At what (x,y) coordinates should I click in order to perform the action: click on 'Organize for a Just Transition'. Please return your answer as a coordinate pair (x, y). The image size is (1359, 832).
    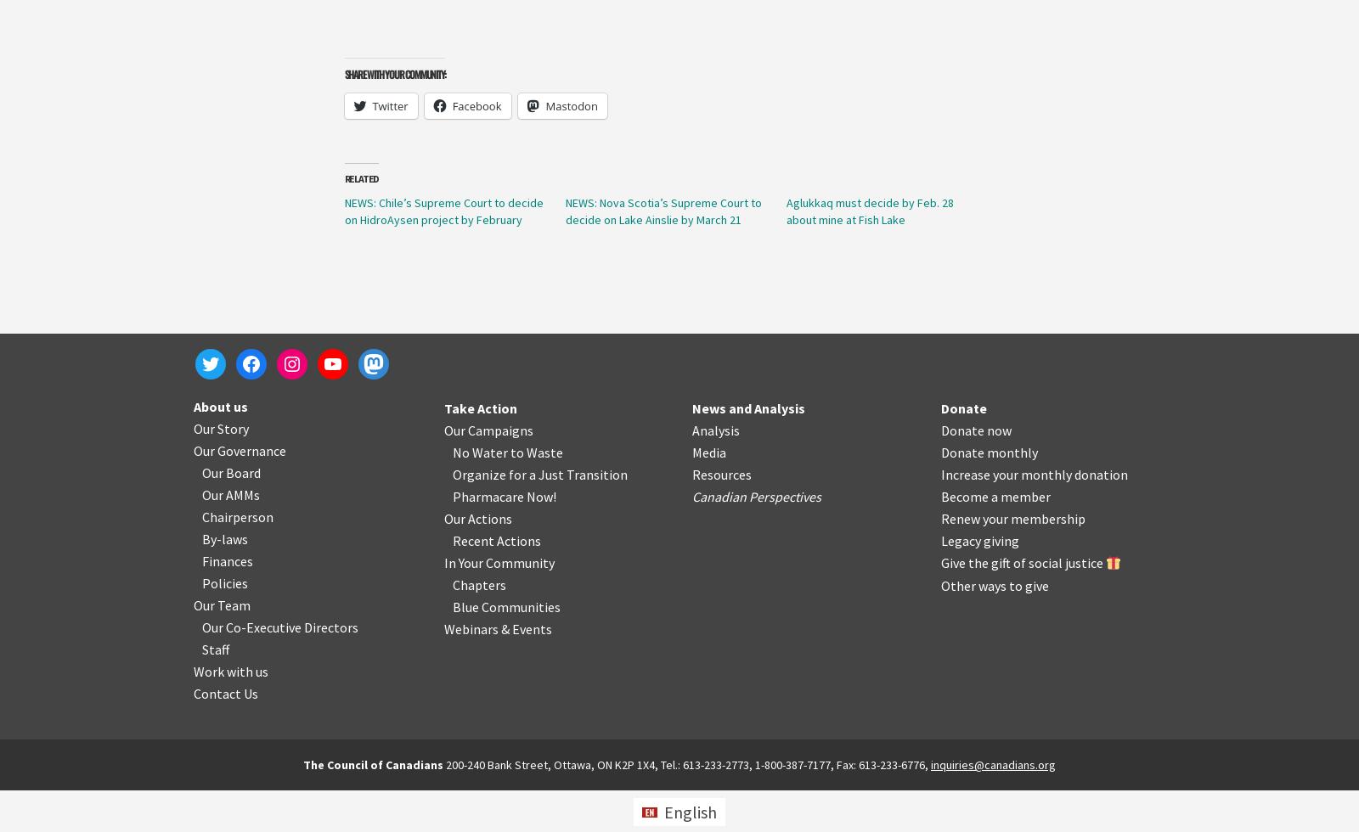
    Looking at the image, I should click on (539, 474).